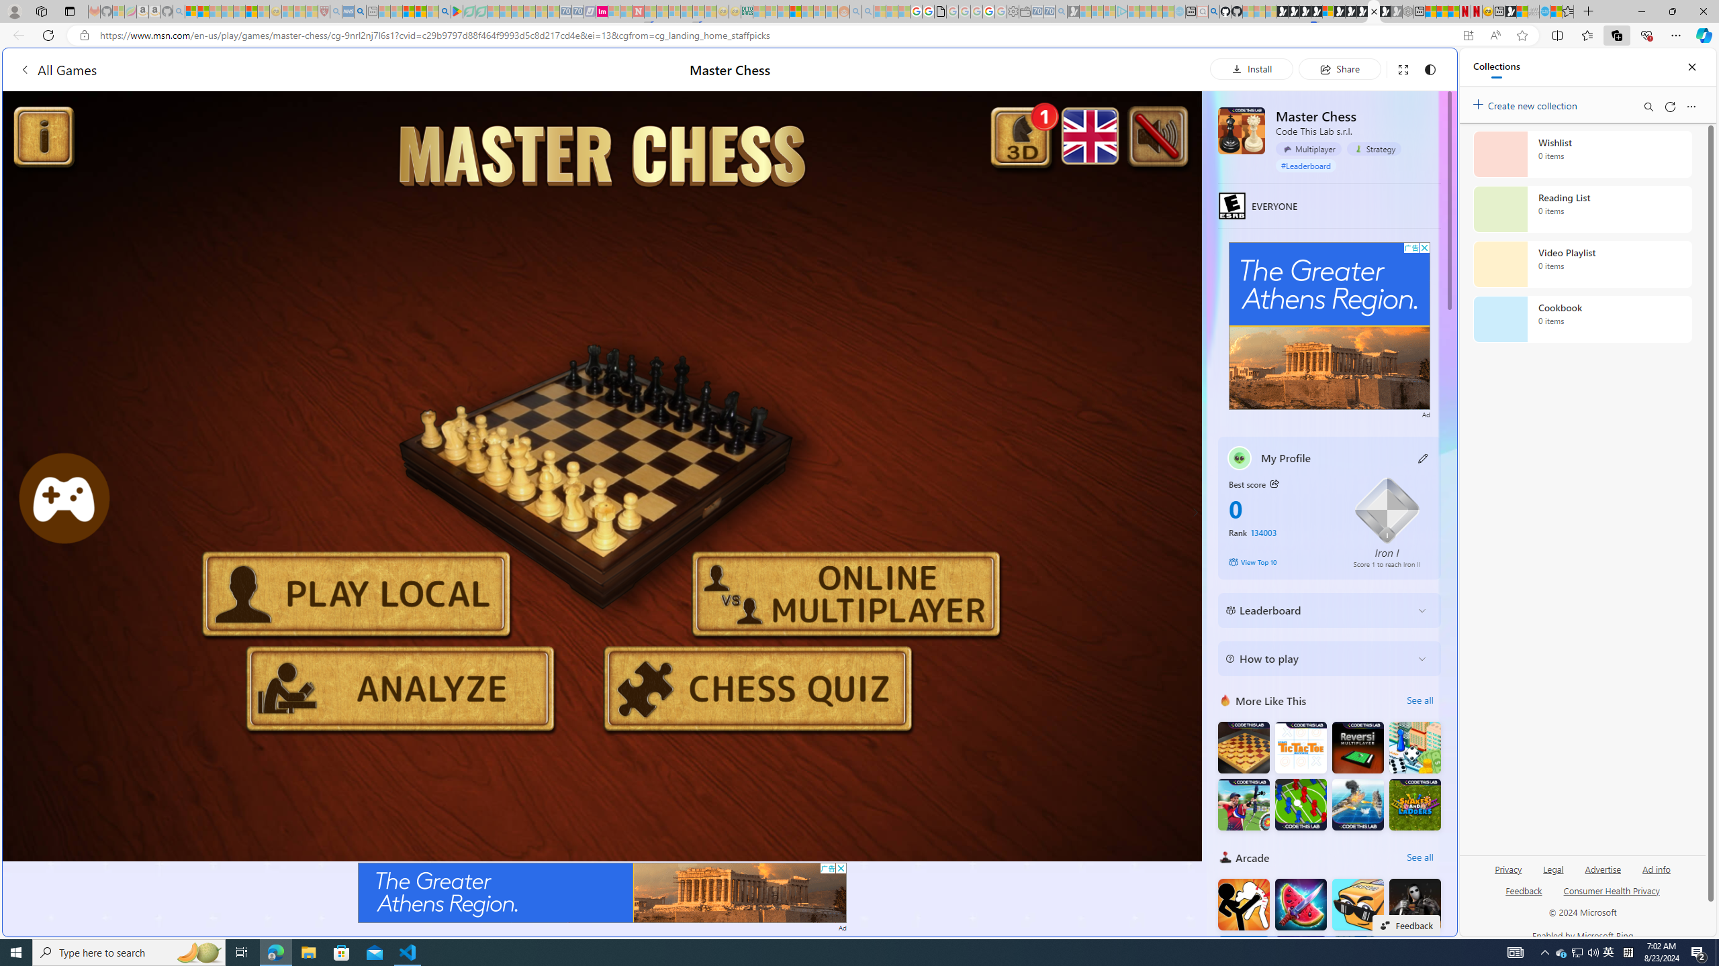  I want to click on 'MSNBC - MSN - Sleeping', so click(758, 11).